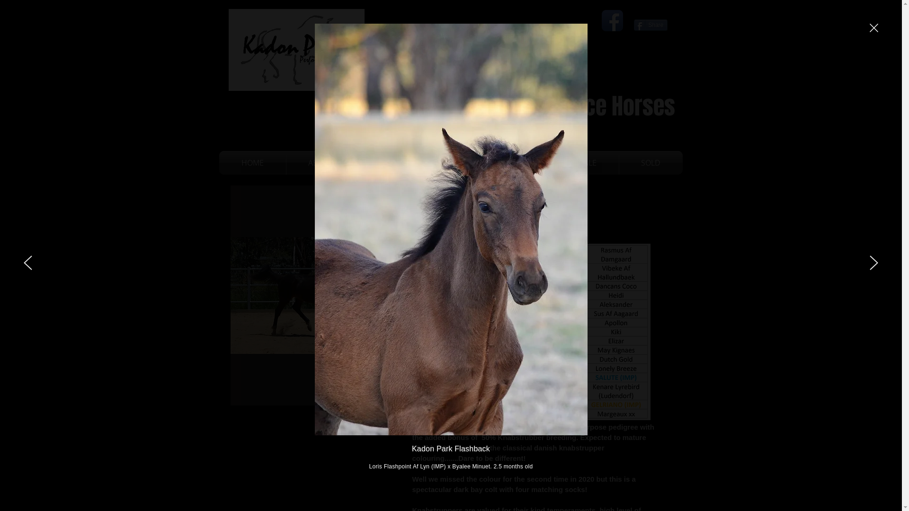 This screenshot has width=909, height=511. I want to click on 'Facebook Like', so click(633, 11).